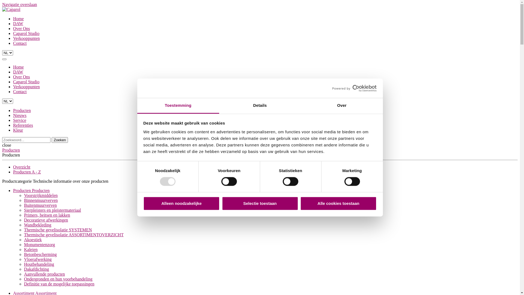 This screenshot has width=524, height=295. Describe the element at coordinates (46, 220) in the screenshot. I see `'Decoratieve afwerkingen'` at that location.